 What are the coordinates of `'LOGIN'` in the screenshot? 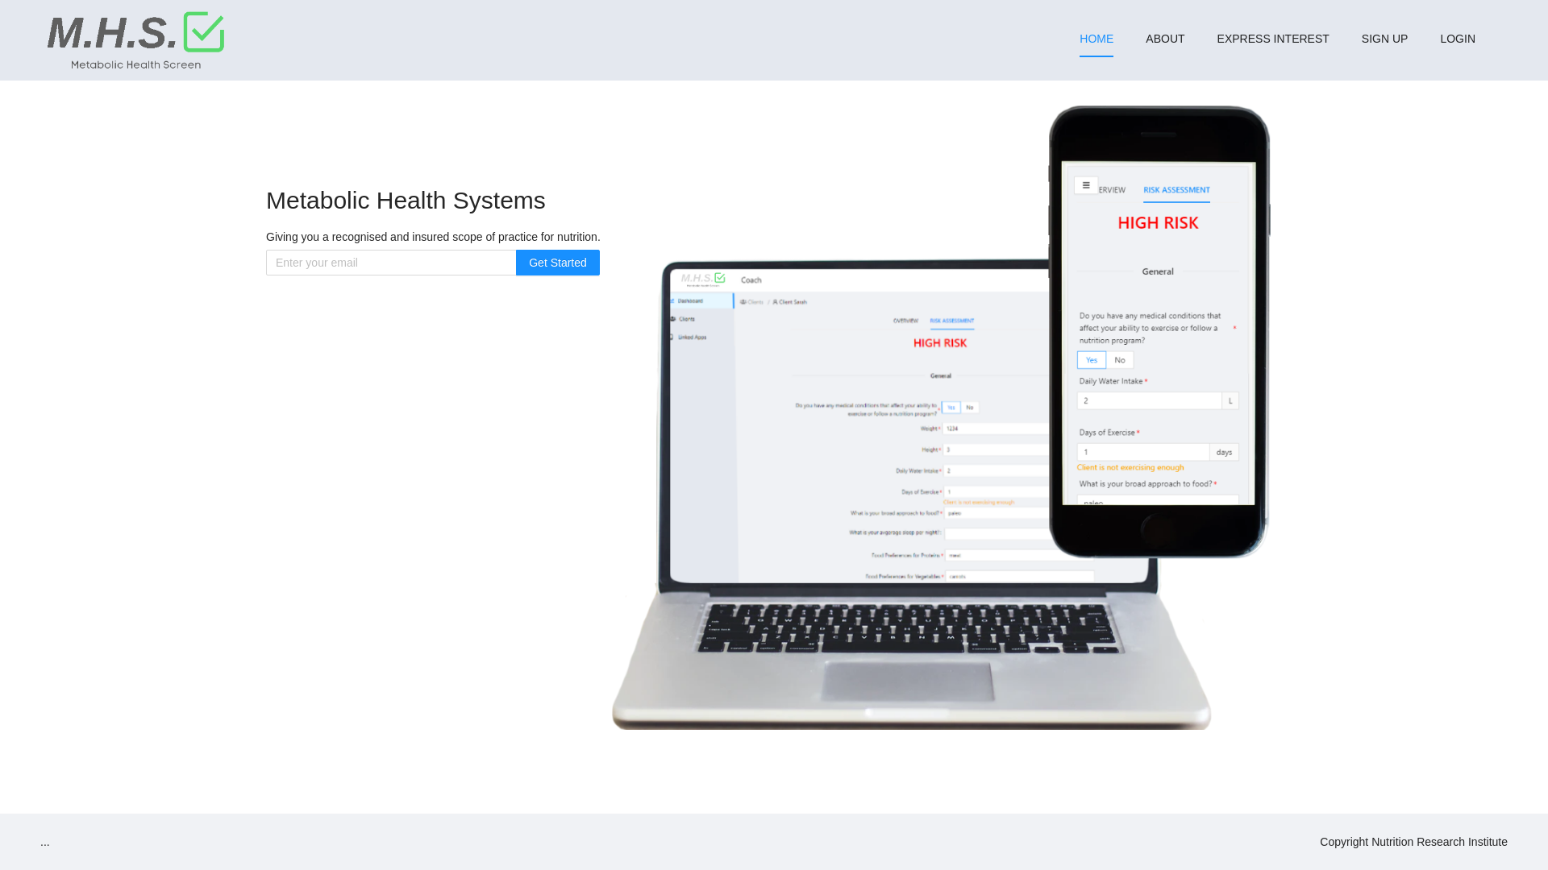 It's located at (1458, 37).